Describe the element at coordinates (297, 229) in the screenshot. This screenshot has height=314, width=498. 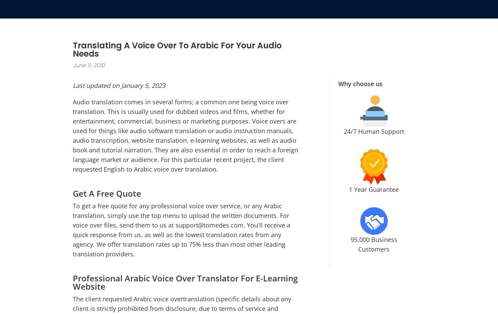
I see `'Travel & Tourism'` at that location.